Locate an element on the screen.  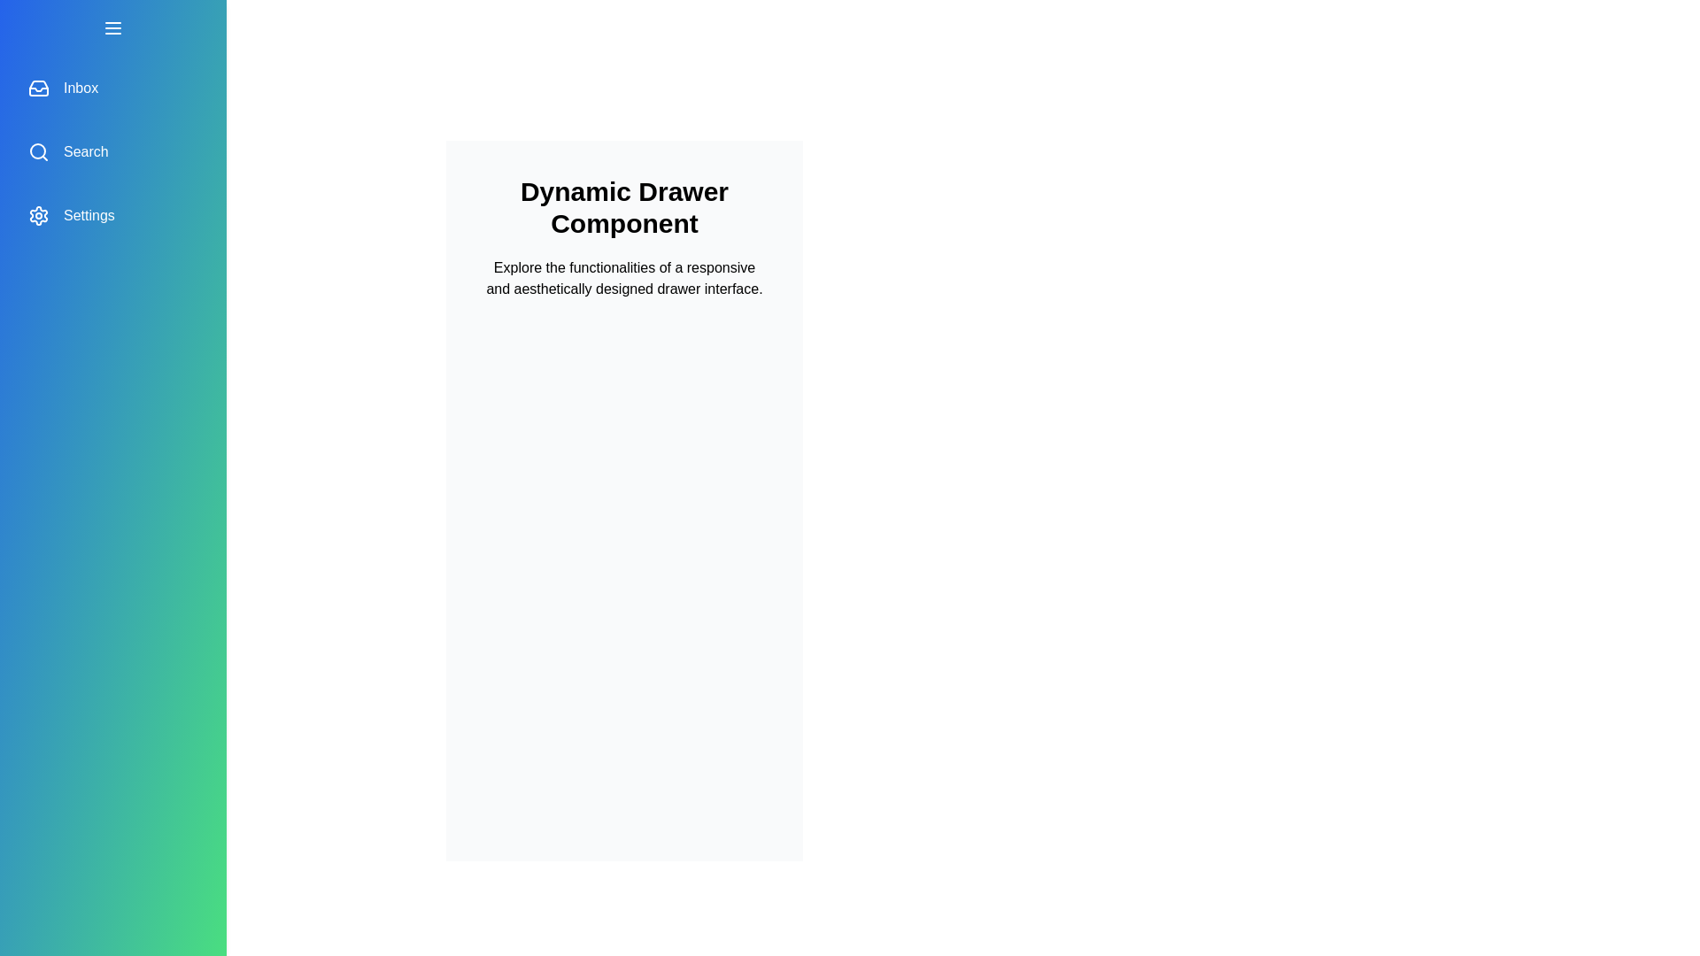
the 'Settings' menu item in the drawer is located at coordinates (112, 214).